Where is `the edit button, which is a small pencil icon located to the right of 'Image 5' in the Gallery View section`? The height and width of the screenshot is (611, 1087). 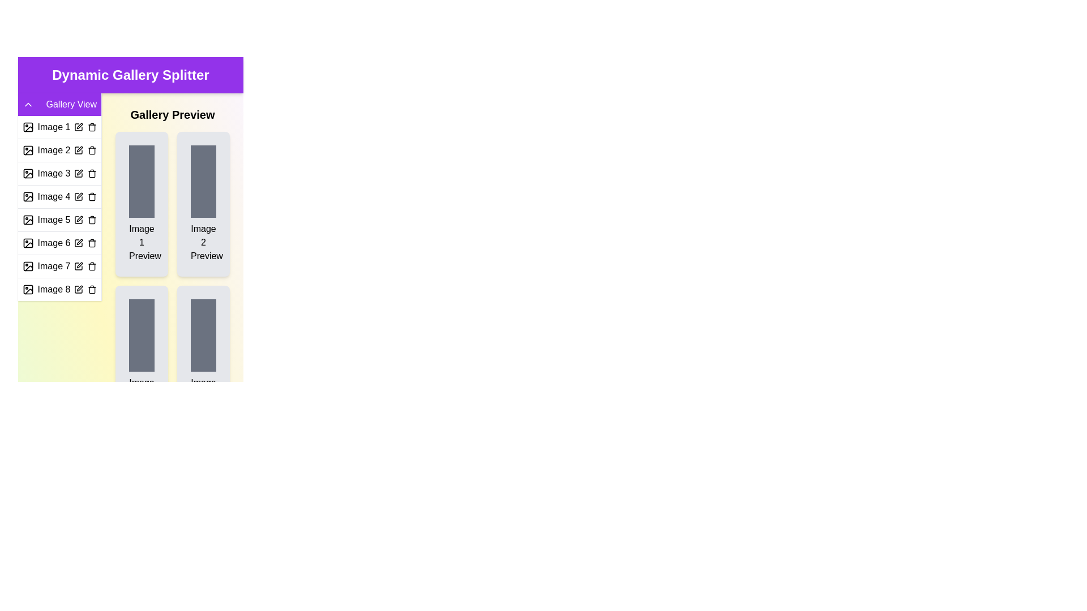
the edit button, which is a small pencil icon located to the right of 'Image 5' in the Gallery View section is located at coordinates (79, 218).